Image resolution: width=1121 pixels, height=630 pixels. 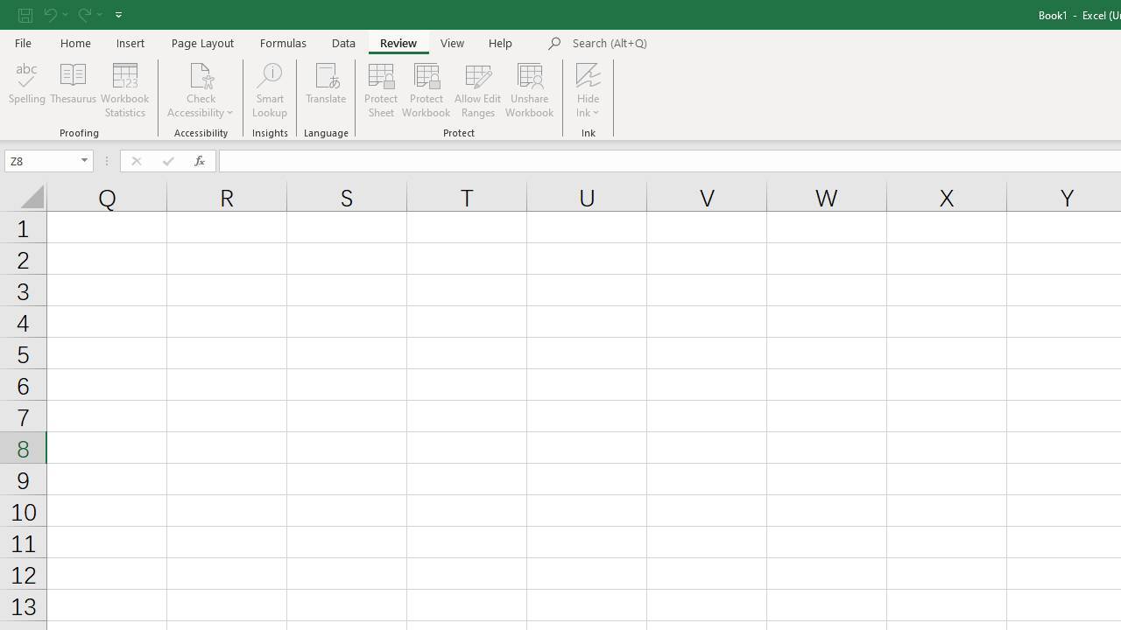 What do you see at coordinates (500, 42) in the screenshot?
I see `'Help'` at bounding box center [500, 42].